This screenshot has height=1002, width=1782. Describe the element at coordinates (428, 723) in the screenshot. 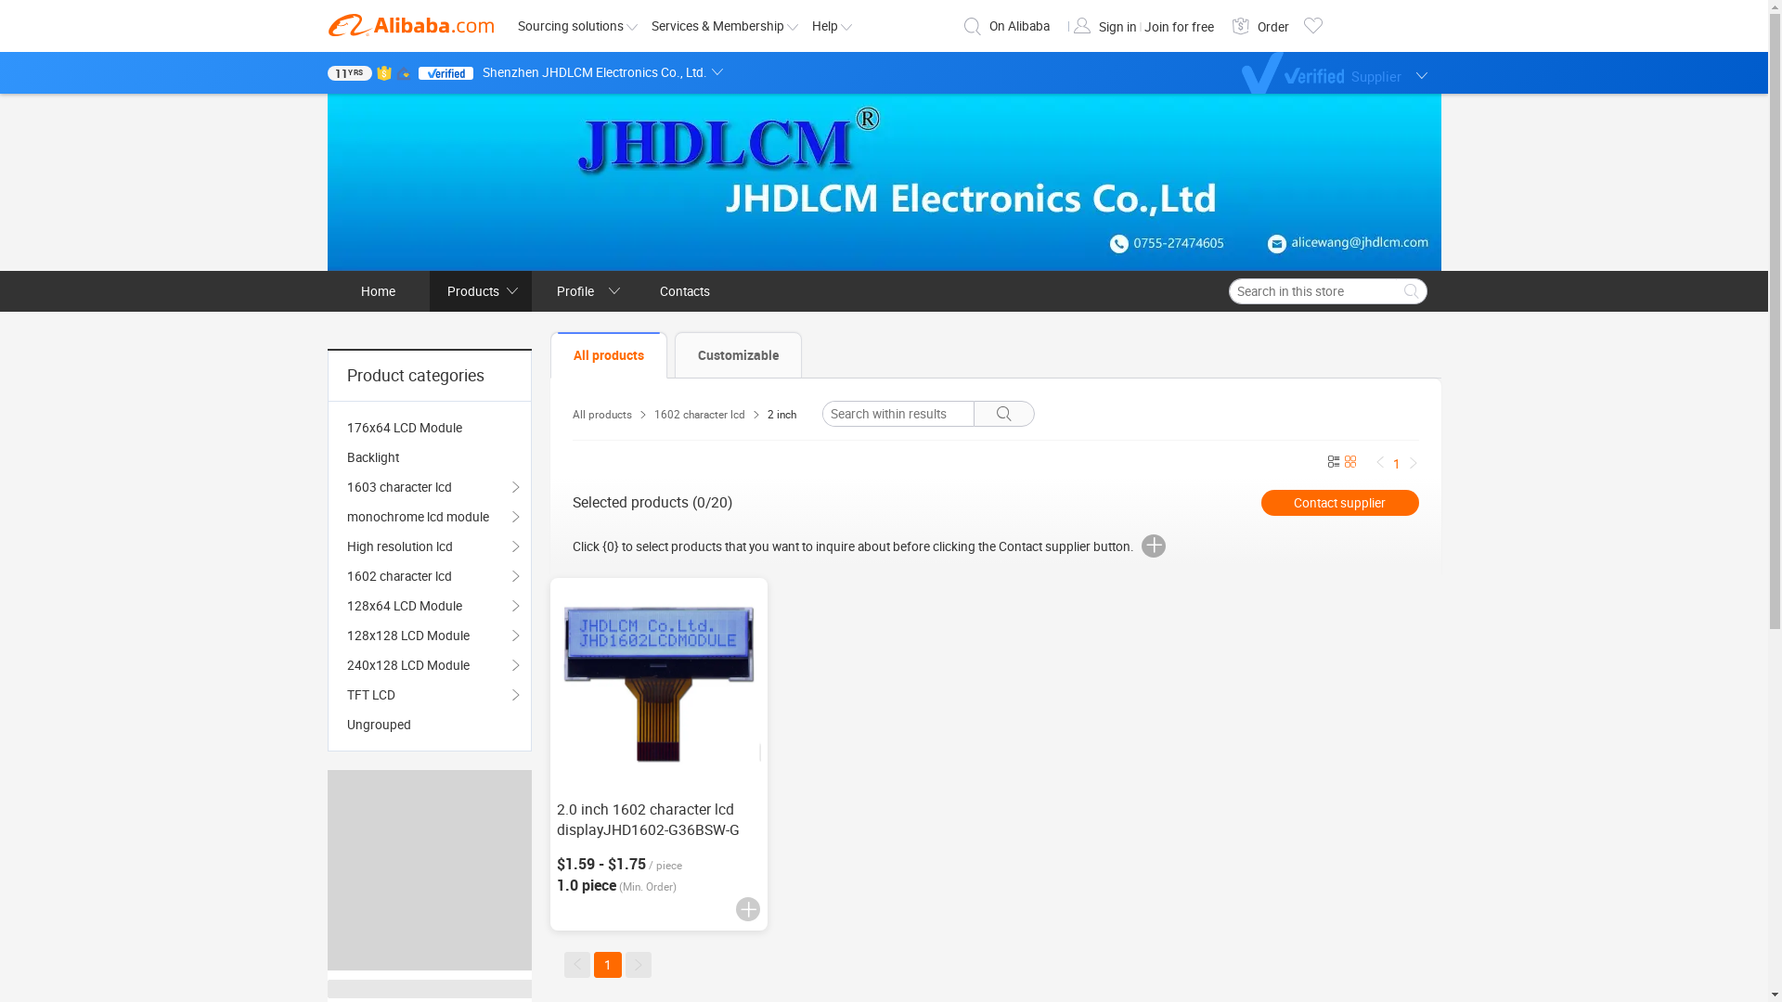

I see `'Ungrouped'` at that location.